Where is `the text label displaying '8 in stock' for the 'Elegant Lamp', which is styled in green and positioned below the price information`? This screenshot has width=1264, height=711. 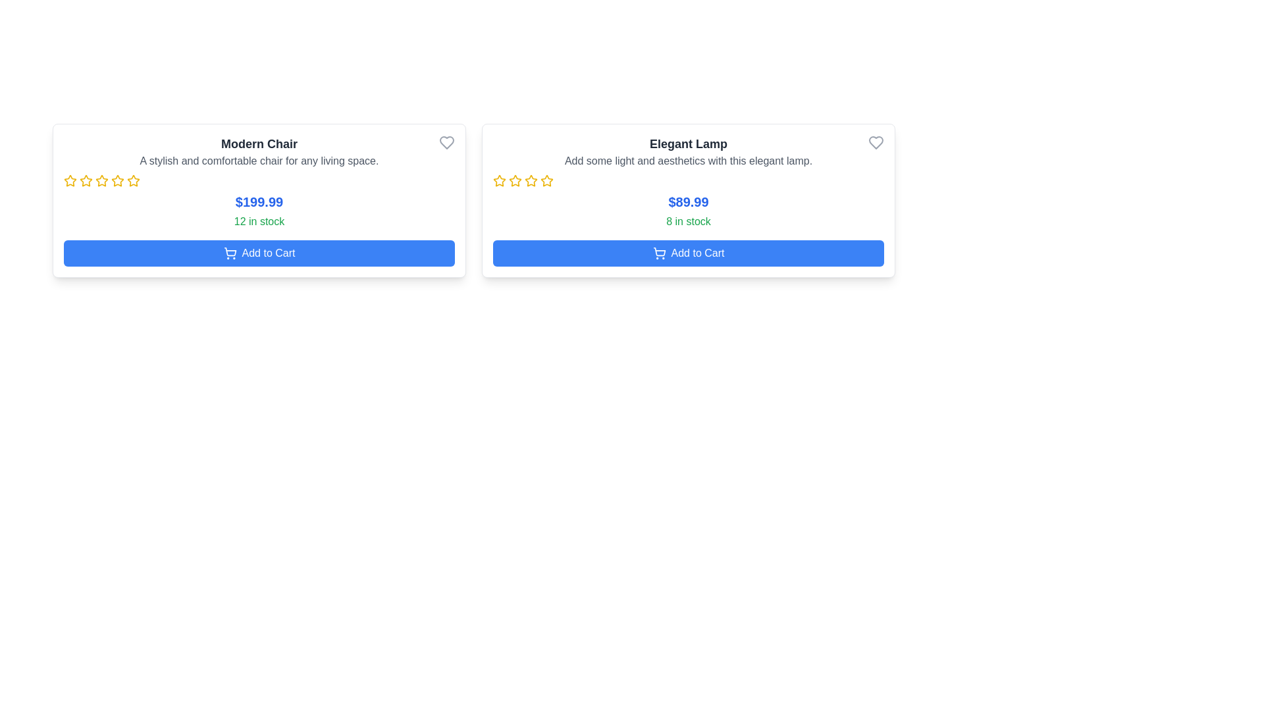
the text label displaying '8 in stock' for the 'Elegant Lamp', which is styled in green and positioned below the price information is located at coordinates (688, 221).